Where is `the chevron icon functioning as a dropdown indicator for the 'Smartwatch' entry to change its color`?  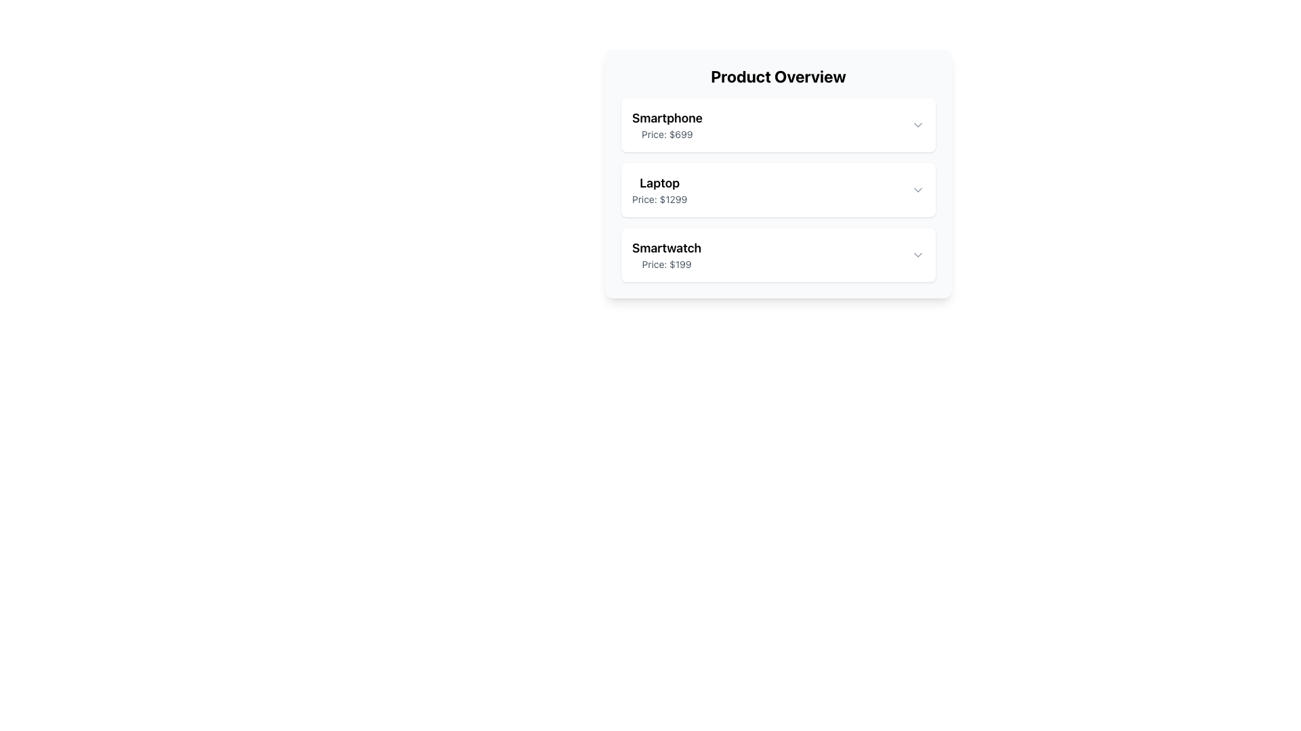 the chevron icon functioning as a dropdown indicator for the 'Smartwatch' entry to change its color is located at coordinates (917, 255).